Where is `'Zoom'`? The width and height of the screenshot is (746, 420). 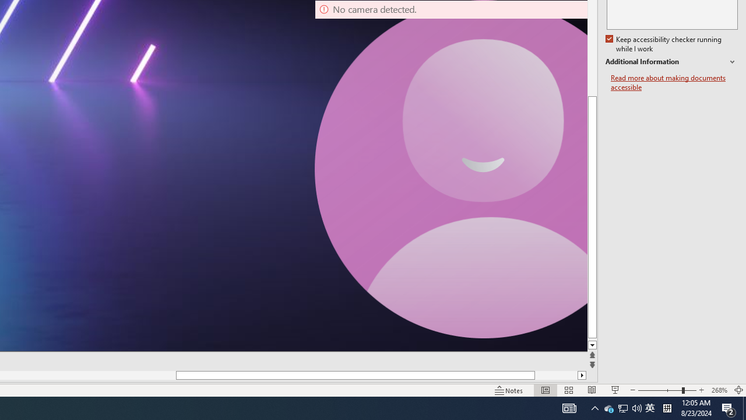
'Zoom' is located at coordinates (667, 390).